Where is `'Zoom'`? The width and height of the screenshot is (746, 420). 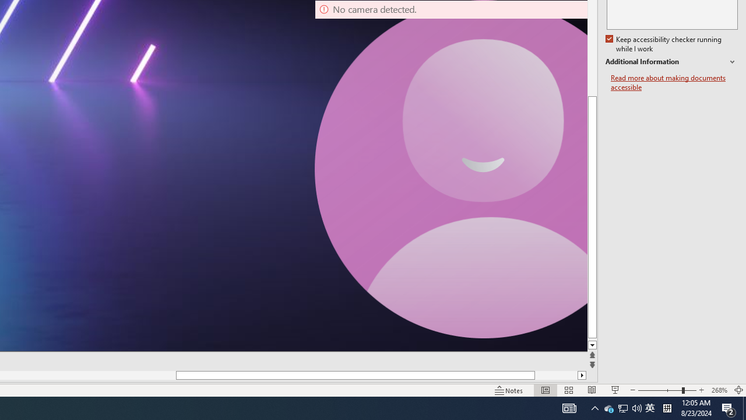
'Zoom' is located at coordinates (667, 390).